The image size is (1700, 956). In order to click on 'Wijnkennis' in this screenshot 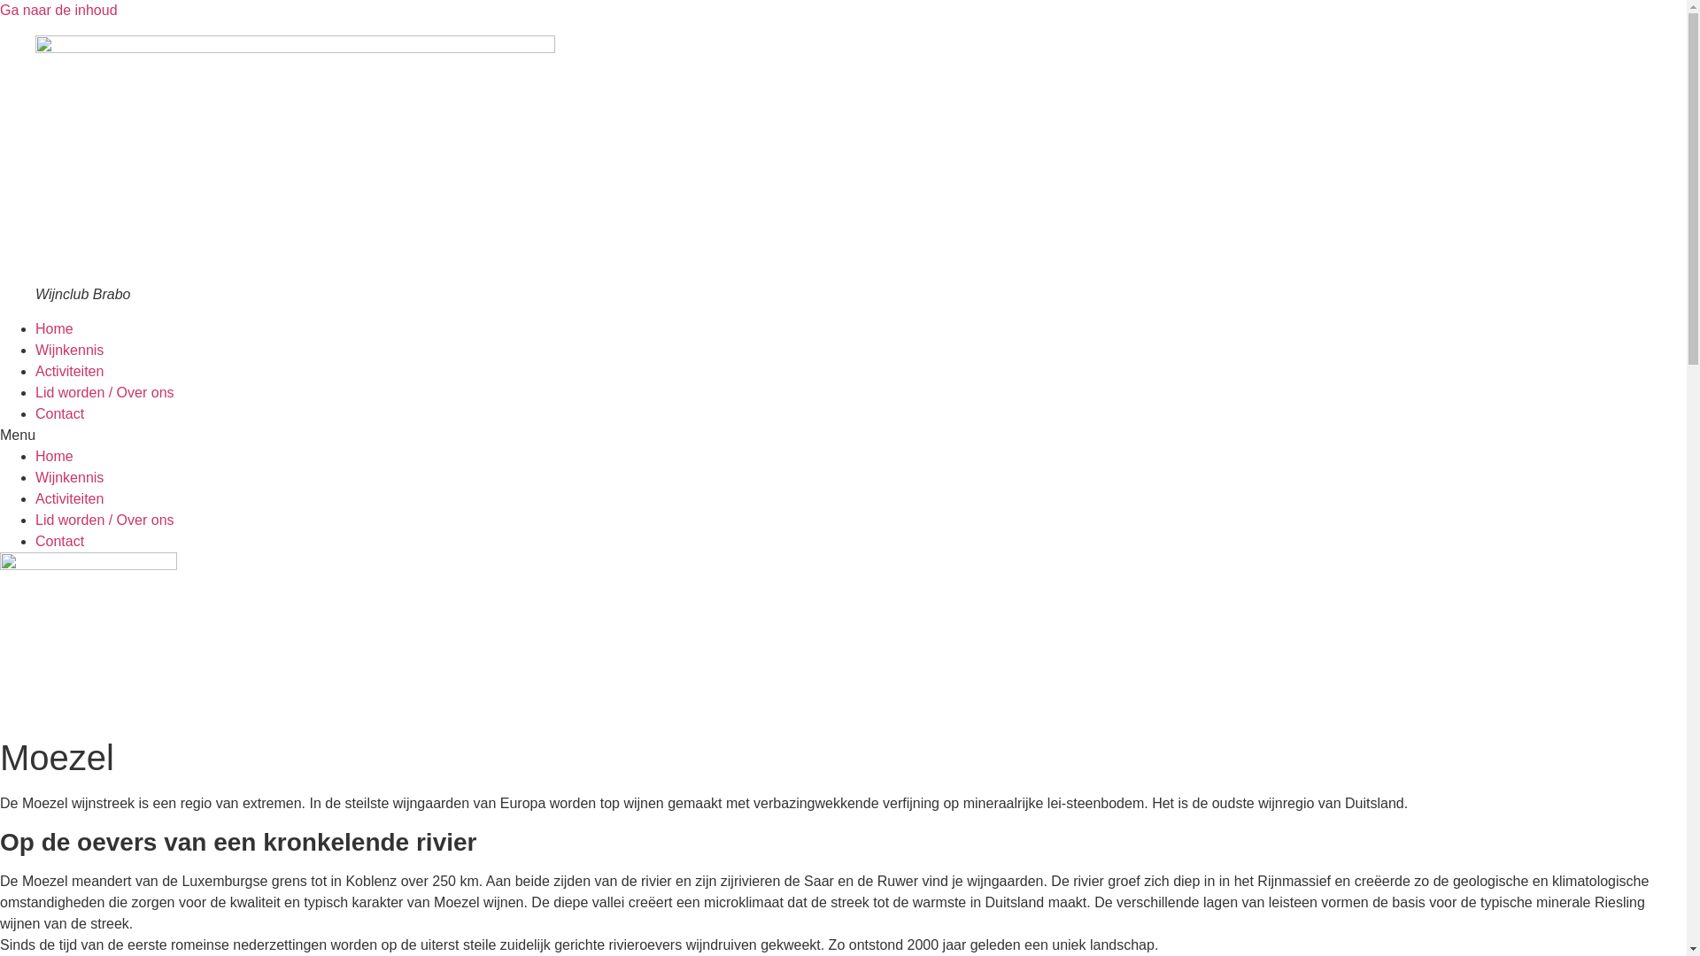, I will do `click(69, 476)`.